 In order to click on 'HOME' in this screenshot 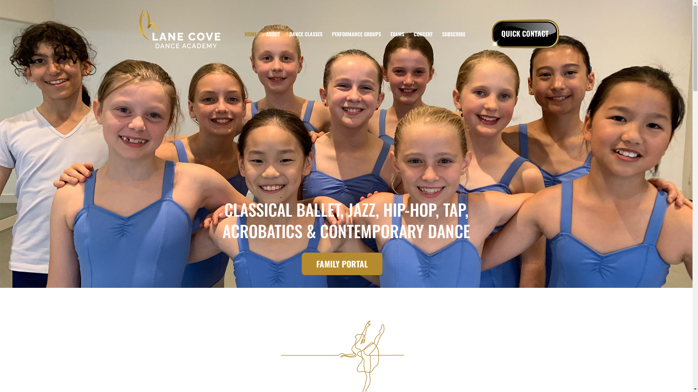, I will do `click(250, 34)`.